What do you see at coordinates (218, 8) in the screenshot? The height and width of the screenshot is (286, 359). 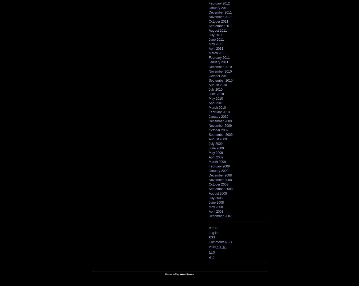 I see `'January 2012'` at bounding box center [218, 8].